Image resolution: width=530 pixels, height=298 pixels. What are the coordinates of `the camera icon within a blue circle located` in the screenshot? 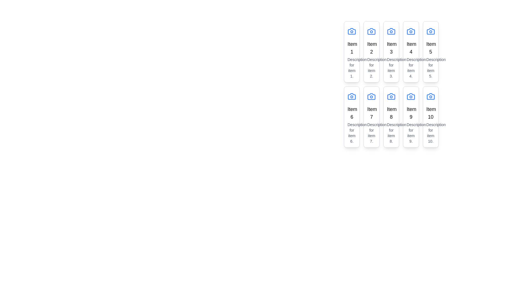 It's located at (411, 96).